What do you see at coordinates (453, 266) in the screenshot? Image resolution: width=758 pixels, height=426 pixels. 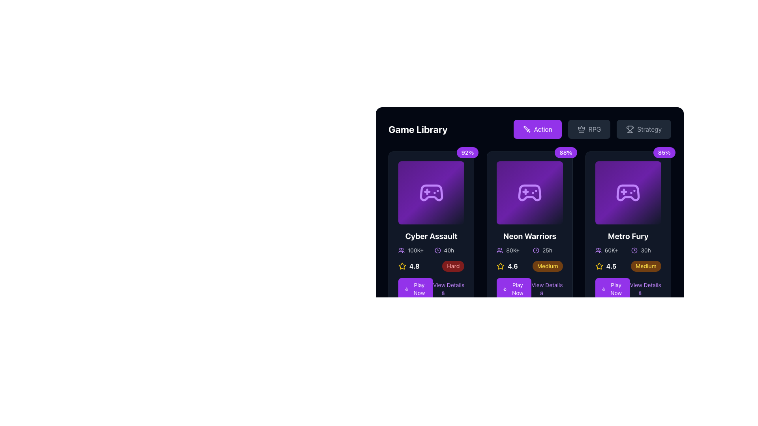 I see `the pill-shaped label with a deep red background containing the word 'Hard' in light pink` at bounding box center [453, 266].